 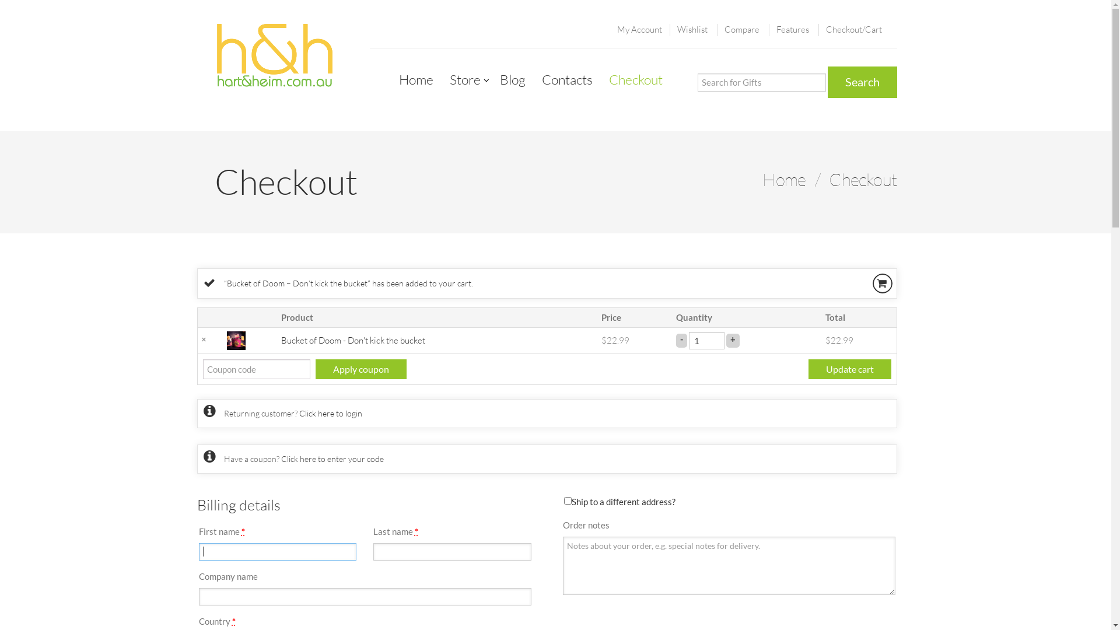 What do you see at coordinates (681, 339) in the screenshot?
I see `'-'` at bounding box center [681, 339].